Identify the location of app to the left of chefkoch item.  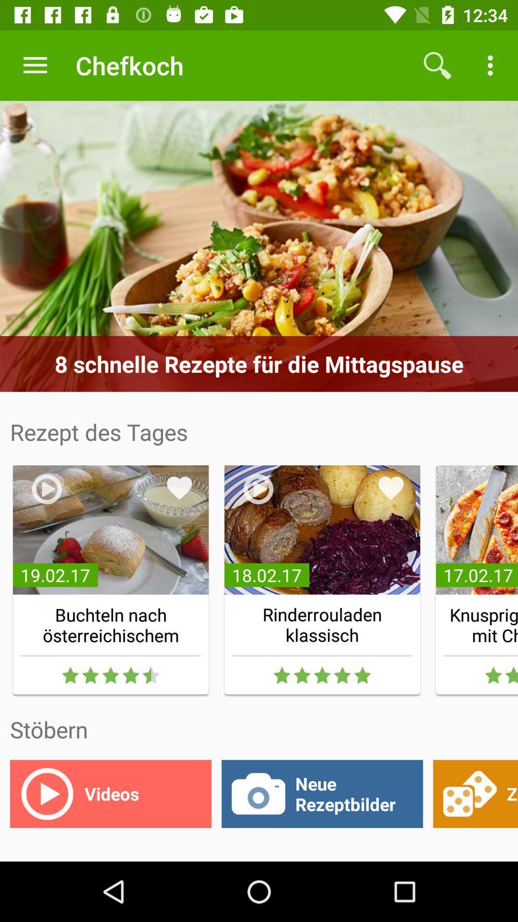
(35, 65).